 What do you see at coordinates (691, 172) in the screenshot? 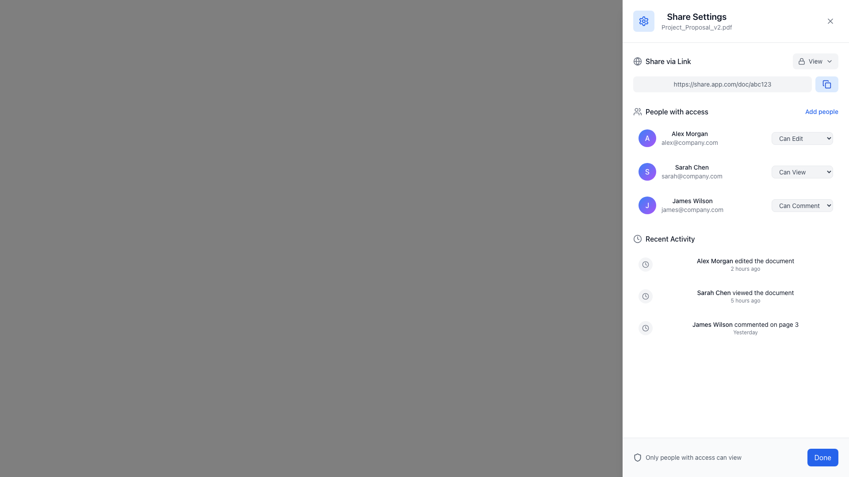
I see `the text display for 'Sarah Chen' which shows her name in bold and her email 'sarah@company.com' in a lighter font, located under the 'People with access' section` at bounding box center [691, 172].